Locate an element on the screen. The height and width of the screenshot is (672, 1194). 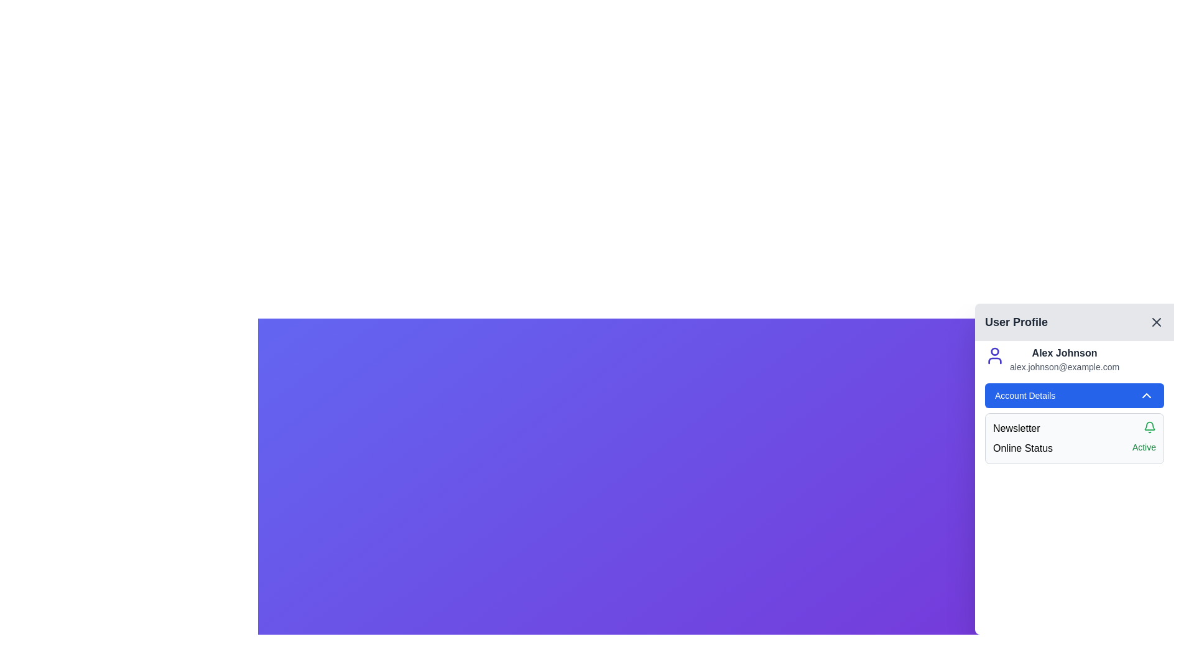
the Close button in the top-right corner of the 'User Profile' section to trigger hover effects is located at coordinates (1156, 321).